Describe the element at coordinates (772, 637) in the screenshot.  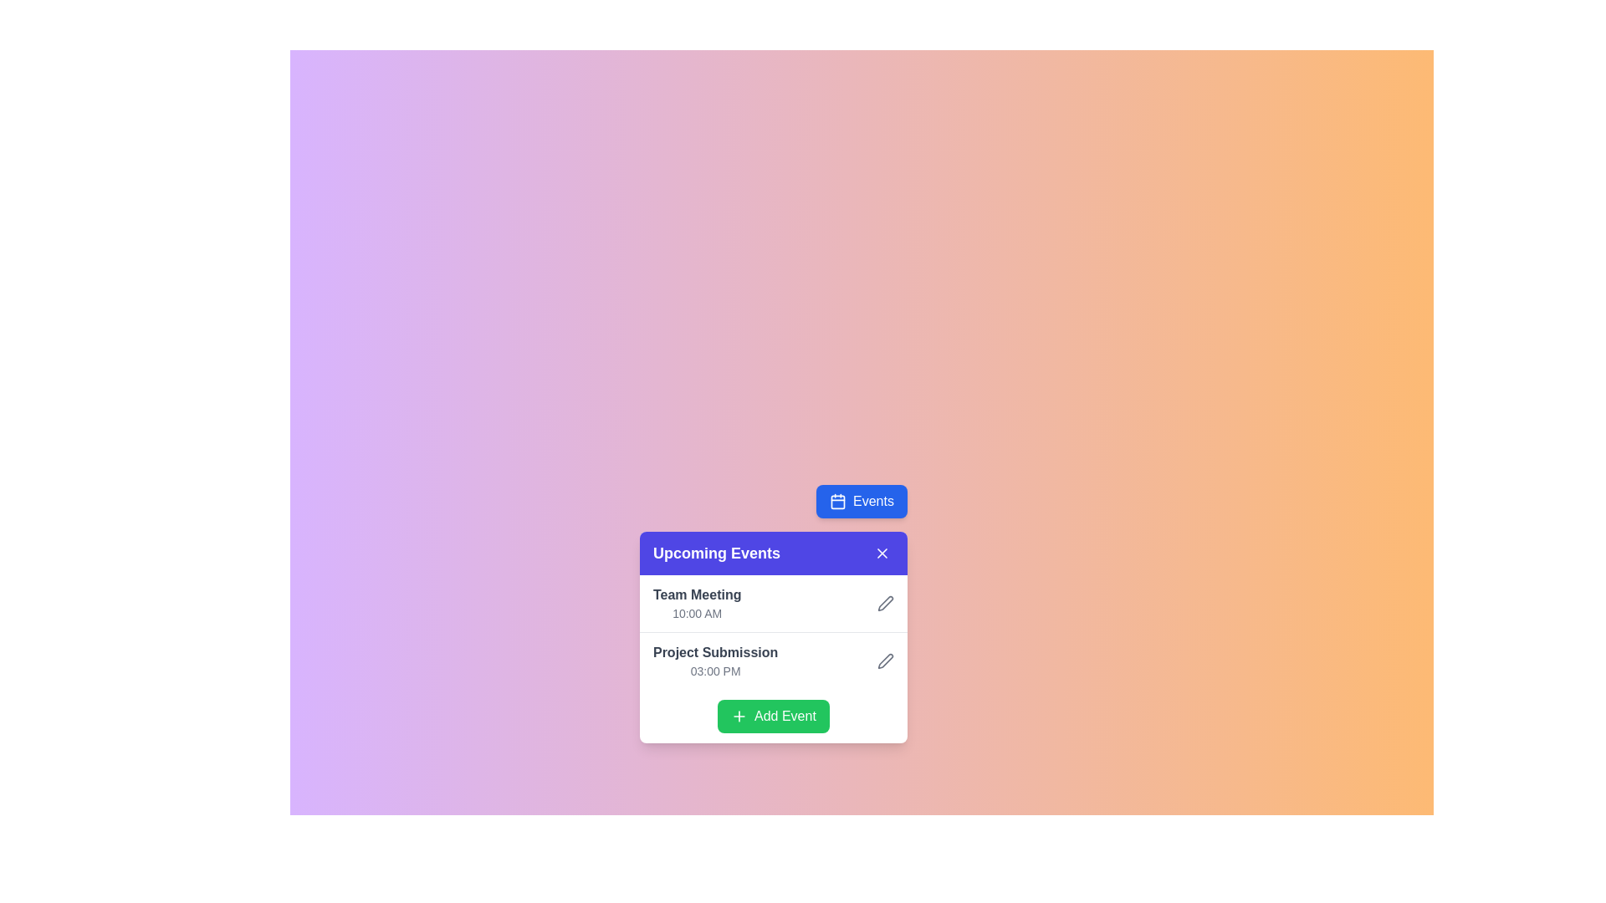
I see `an event listed in the 'Upcoming Events' card` at that location.